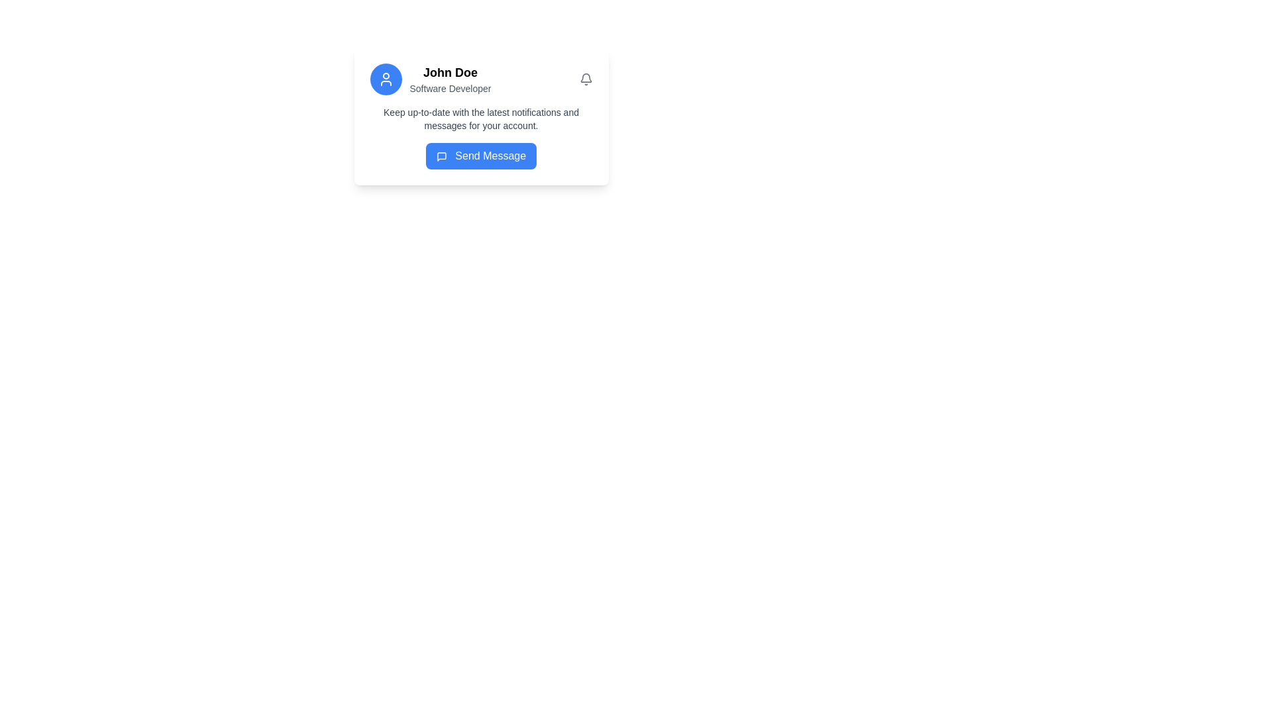 This screenshot has height=715, width=1272. Describe the element at coordinates (480, 138) in the screenshot. I see `the button in the notification area` at that location.